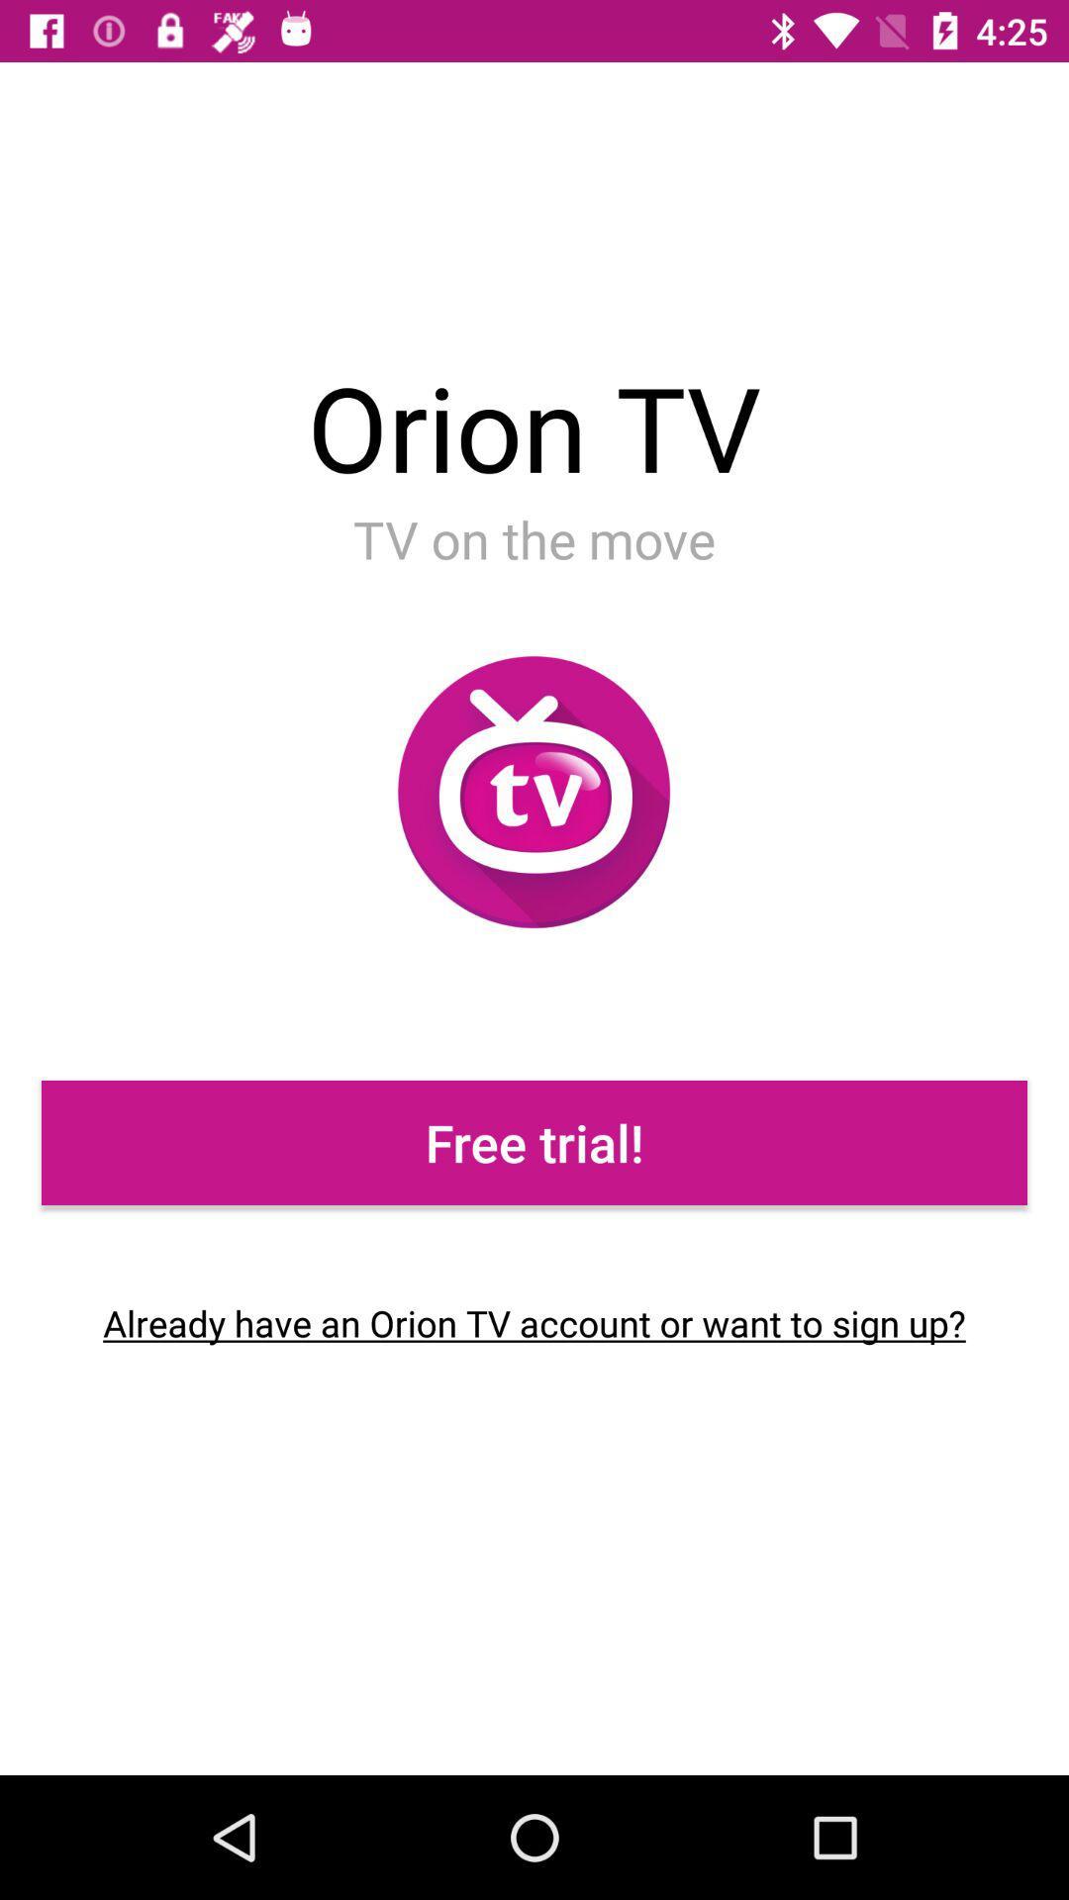 The height and width of the screenshot is (1900, 1069). What do you see at coordinates (534, 1323) in the screenshot?
I see `the already have an item` at bounding box center [534, 1323].